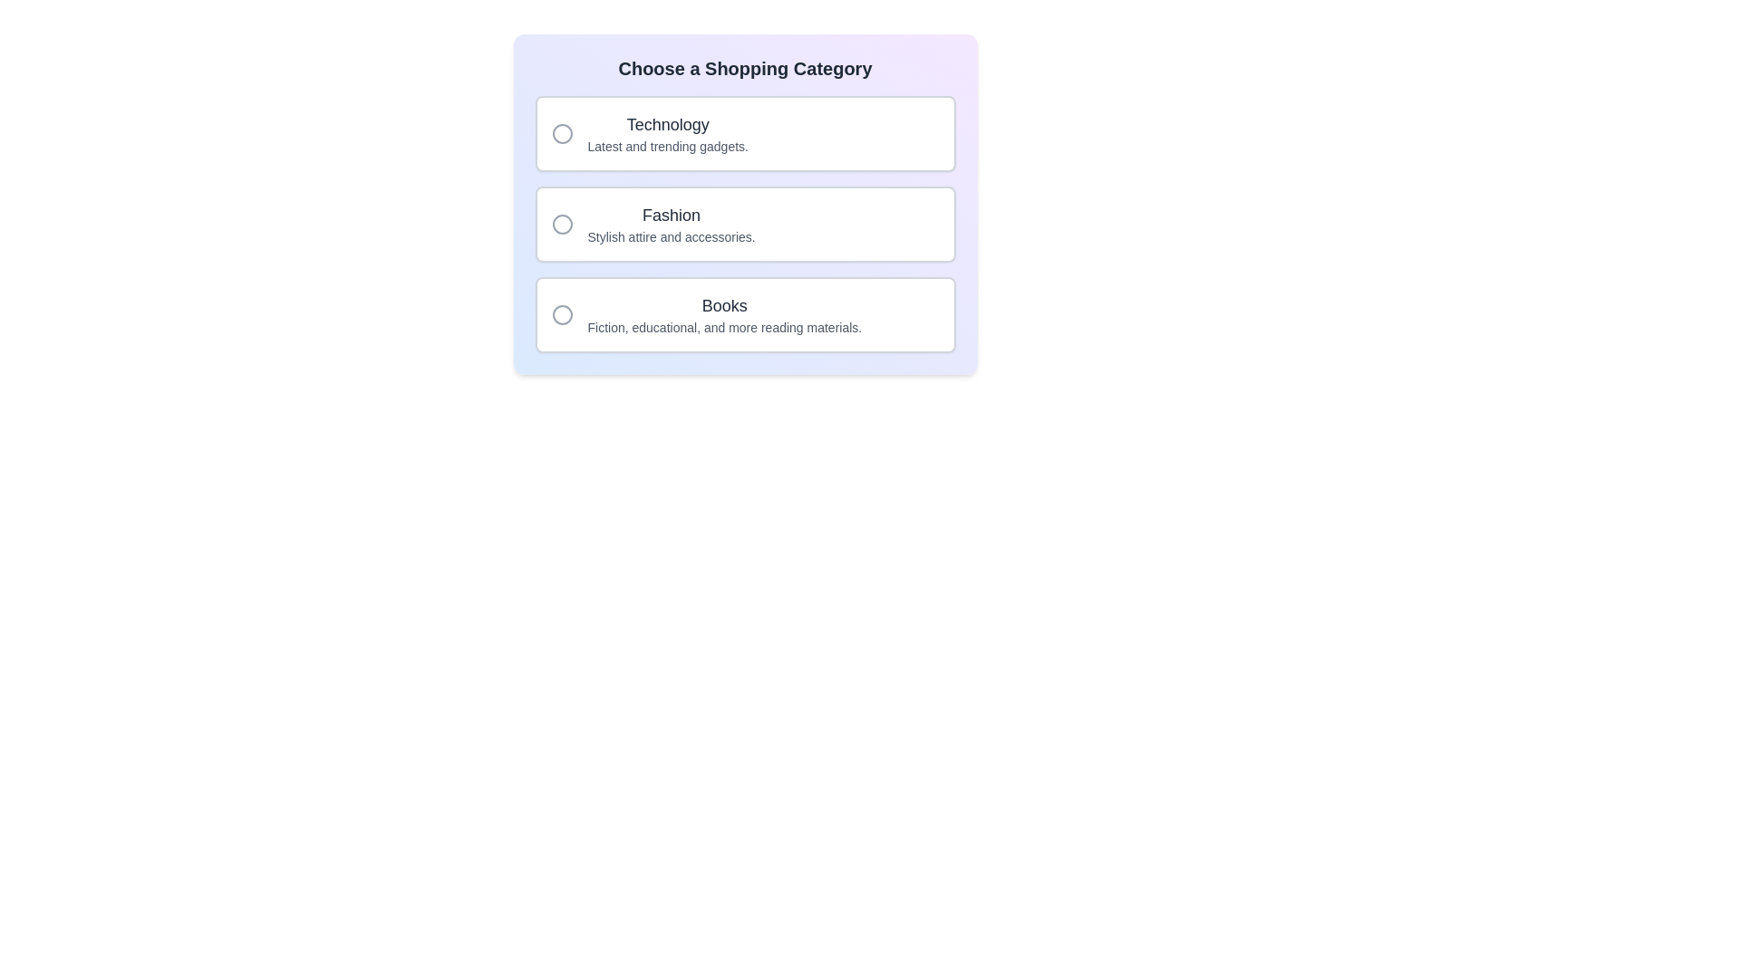 The height and width of the screenshot is (978, 1740). Describe the element at coordinates (561, 223) in the screenshot. I see `the gray radio button located to the left of the 'Fashion' text` at that location.